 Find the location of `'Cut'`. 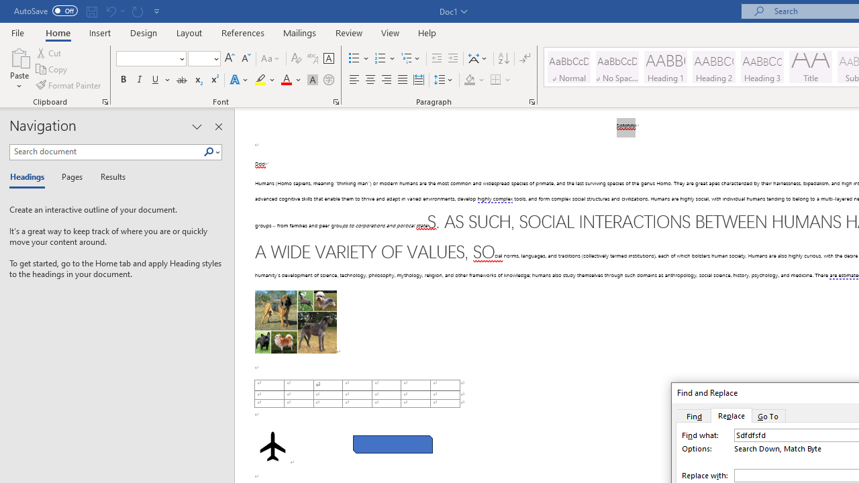

'Cut' is located at coordinates (50, 52).